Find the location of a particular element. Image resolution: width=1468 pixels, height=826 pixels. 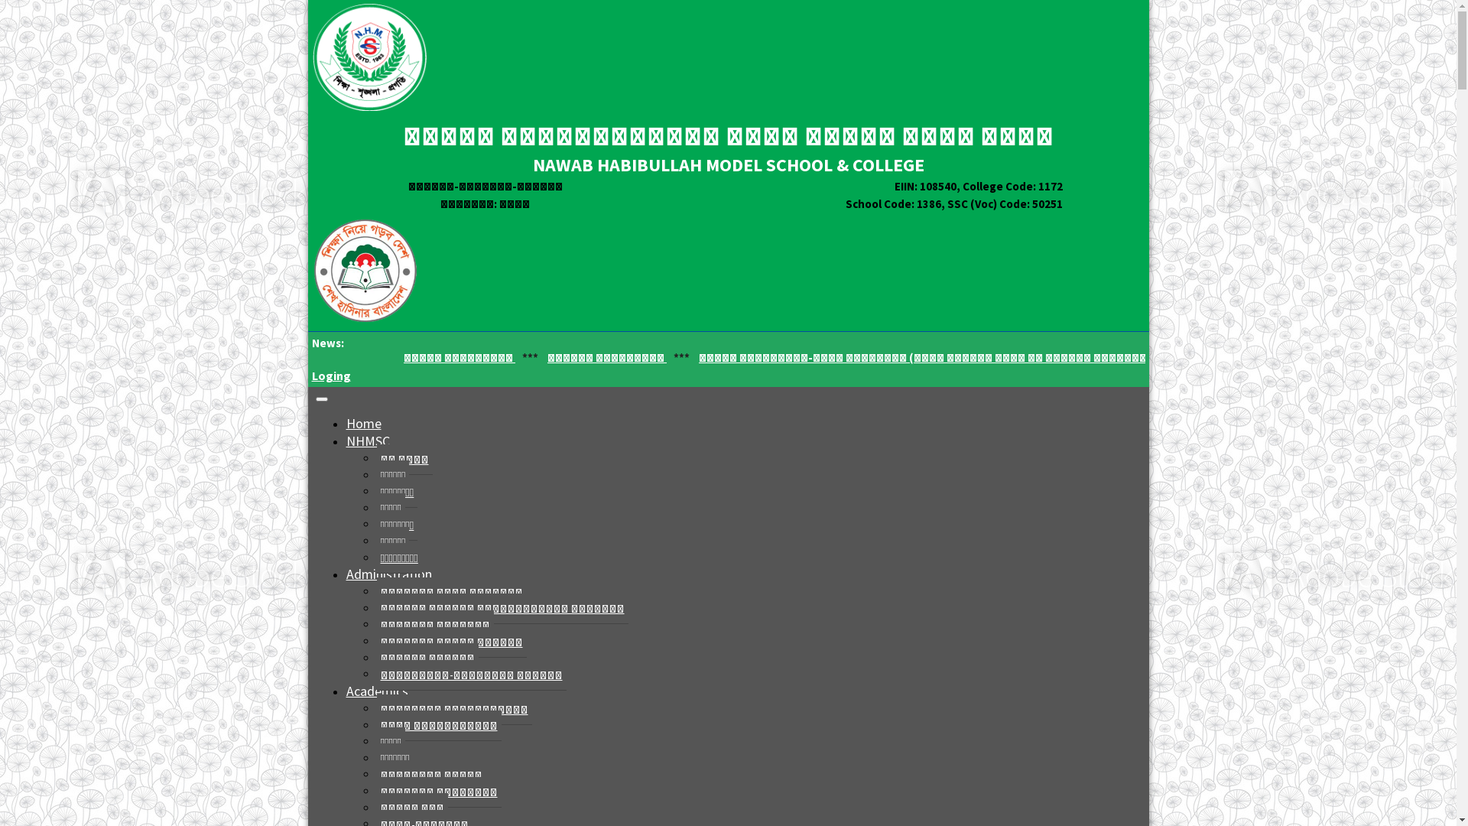

'Loging' is located at coordinates (330, 375).